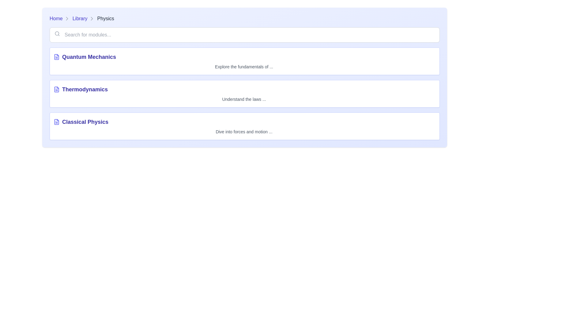 Image resolution: width=588 pixels, height=331 pixels. Describe the element at coordinates (67, 18) in the screenshot. I see `the right-facing chevron-shaped icon that visually separates the breadcrumb navigation from the 'Home' link text` at that location.